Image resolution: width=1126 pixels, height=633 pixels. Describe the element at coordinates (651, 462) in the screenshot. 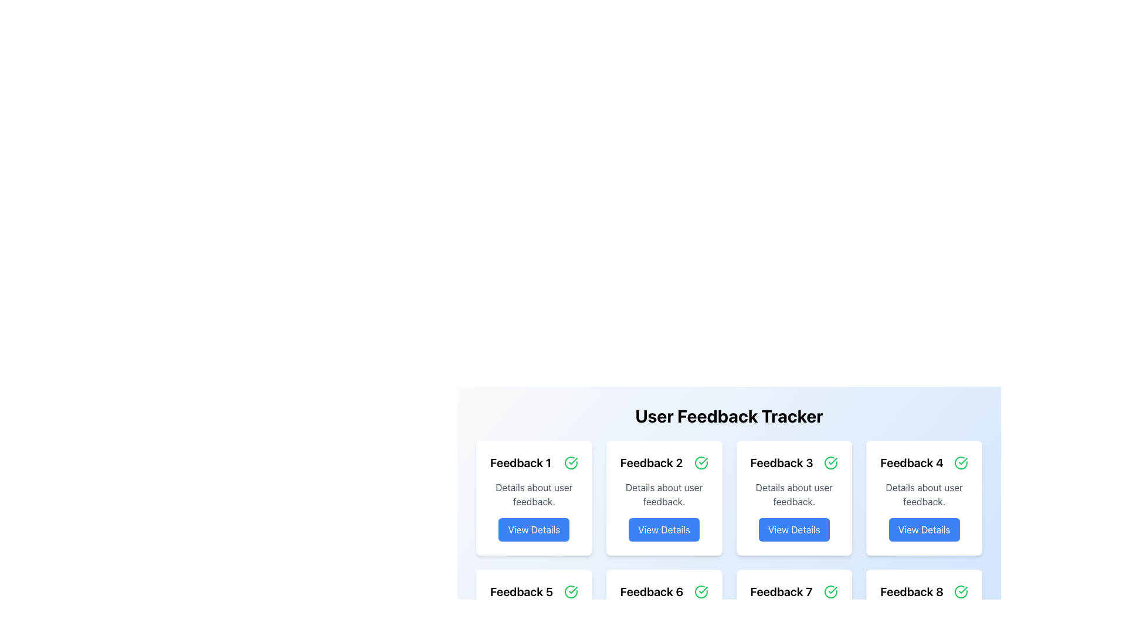

I see `label 'Feedback 2' which is prominently displayed in bold, large font at the top center of the second card in the User Feedback Tracker grid` at that location.